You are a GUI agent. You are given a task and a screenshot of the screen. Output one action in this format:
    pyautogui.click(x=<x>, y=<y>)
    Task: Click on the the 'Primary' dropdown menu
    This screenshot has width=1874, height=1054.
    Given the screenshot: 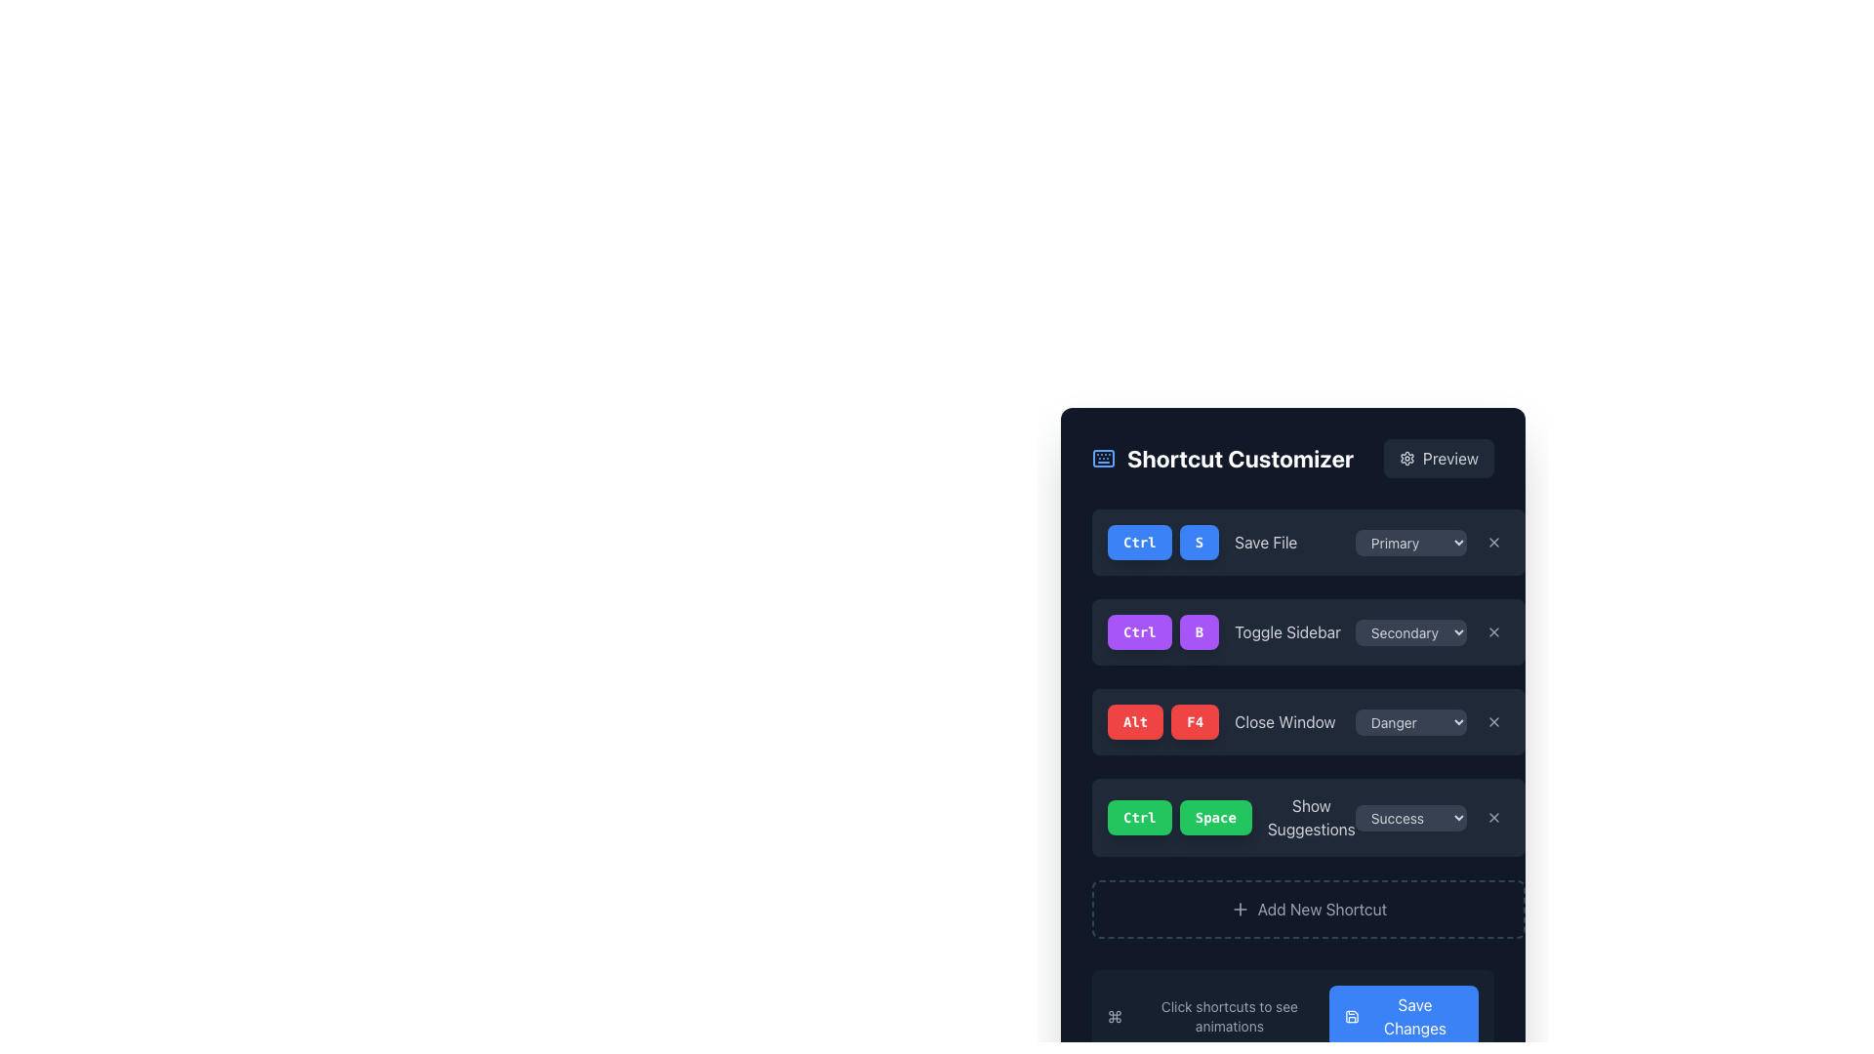 What is the action you would take?
    pyautogui.click(x=1432, y=542)
    